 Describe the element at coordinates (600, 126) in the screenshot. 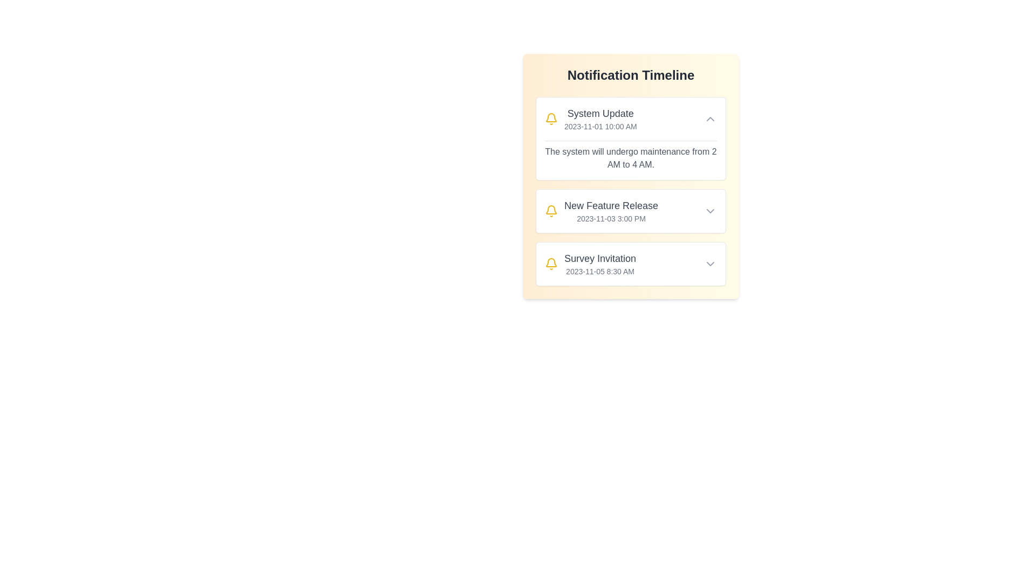

I see `the text label displaying '2023-11-01 10:00 AM' located directly below the heading 'System Update' in the top notification card` at that location.